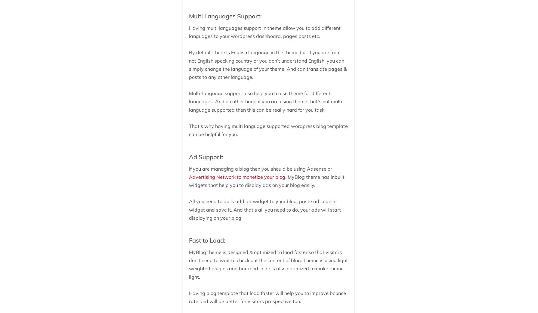 This screenshot has height=313, width=538. What do you see at coordinates (264, 209) in the screenshot?
I see `'All you need to do is add ad widget to your blog, paste ad code in widget and save it. And that’s all you need to do, your ads will start displaying on your blog.'` at bounding box center [264, 209].